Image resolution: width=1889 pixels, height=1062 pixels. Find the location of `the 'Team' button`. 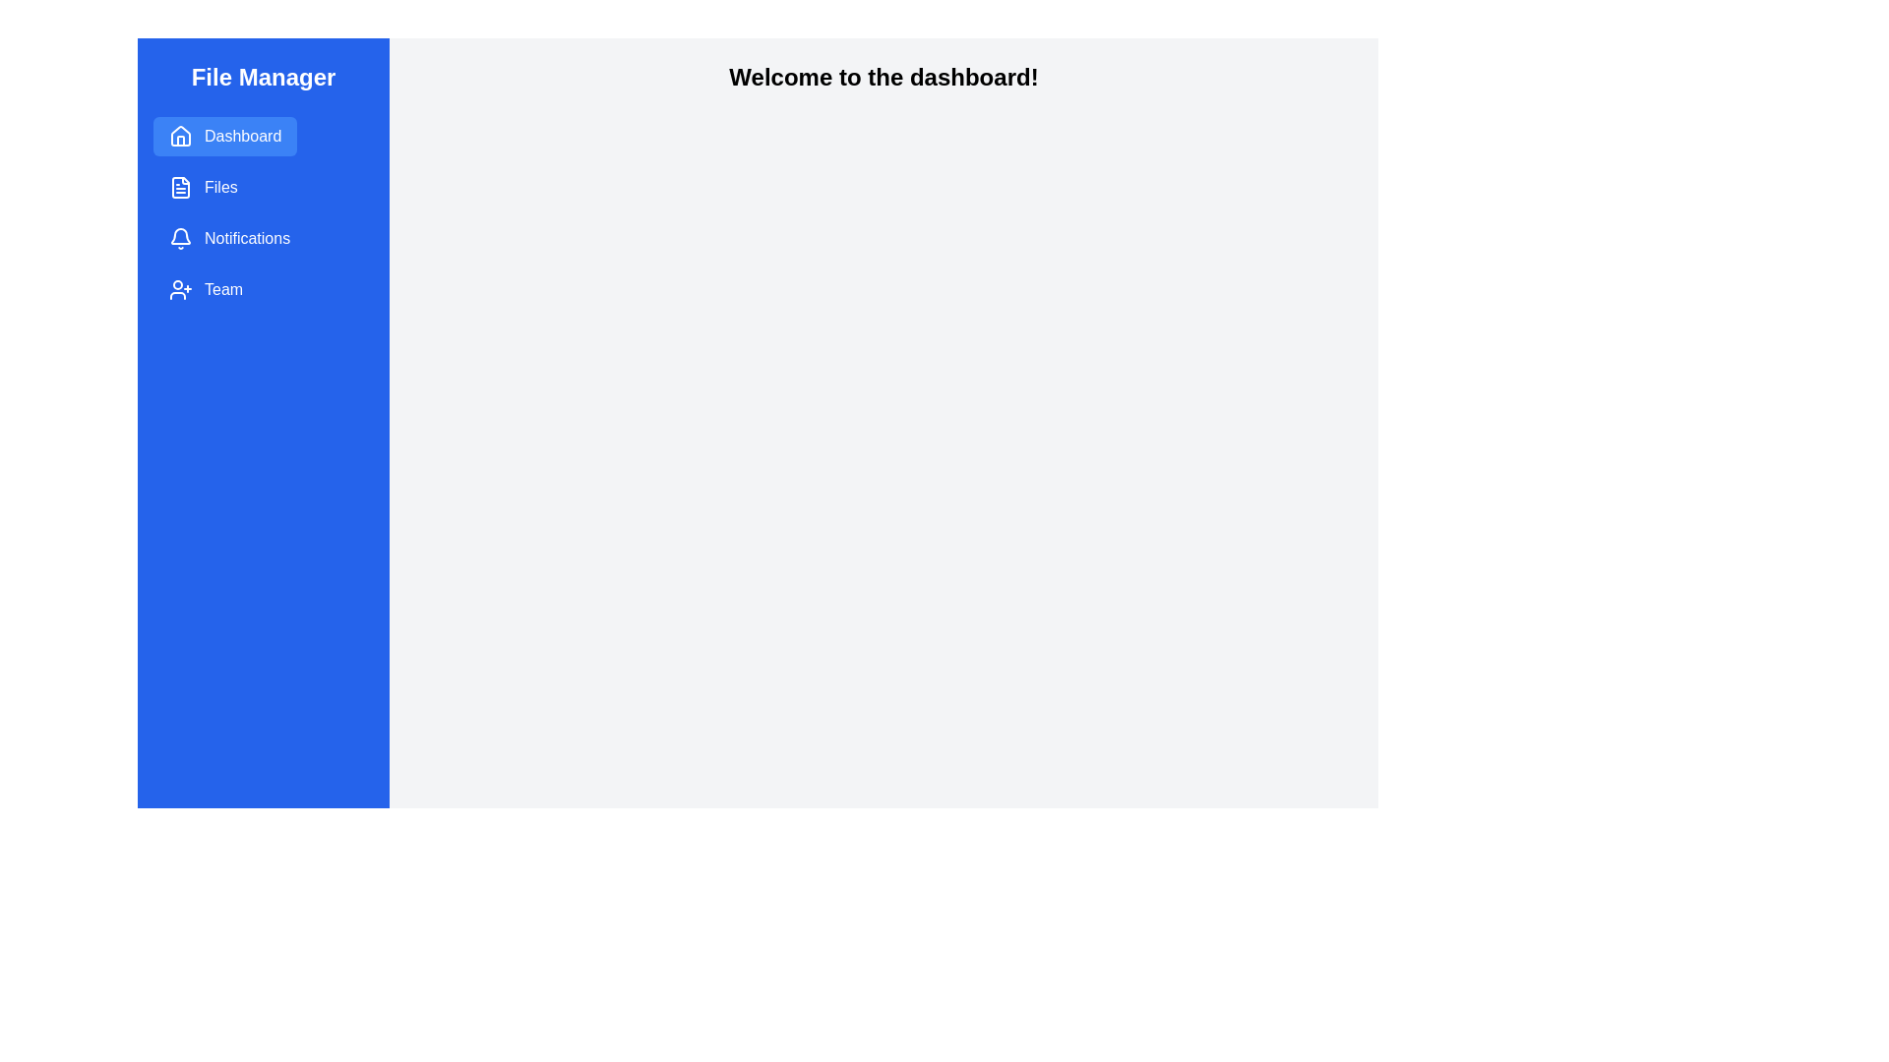

the 'Team' button is located at coordinates (206, 289).